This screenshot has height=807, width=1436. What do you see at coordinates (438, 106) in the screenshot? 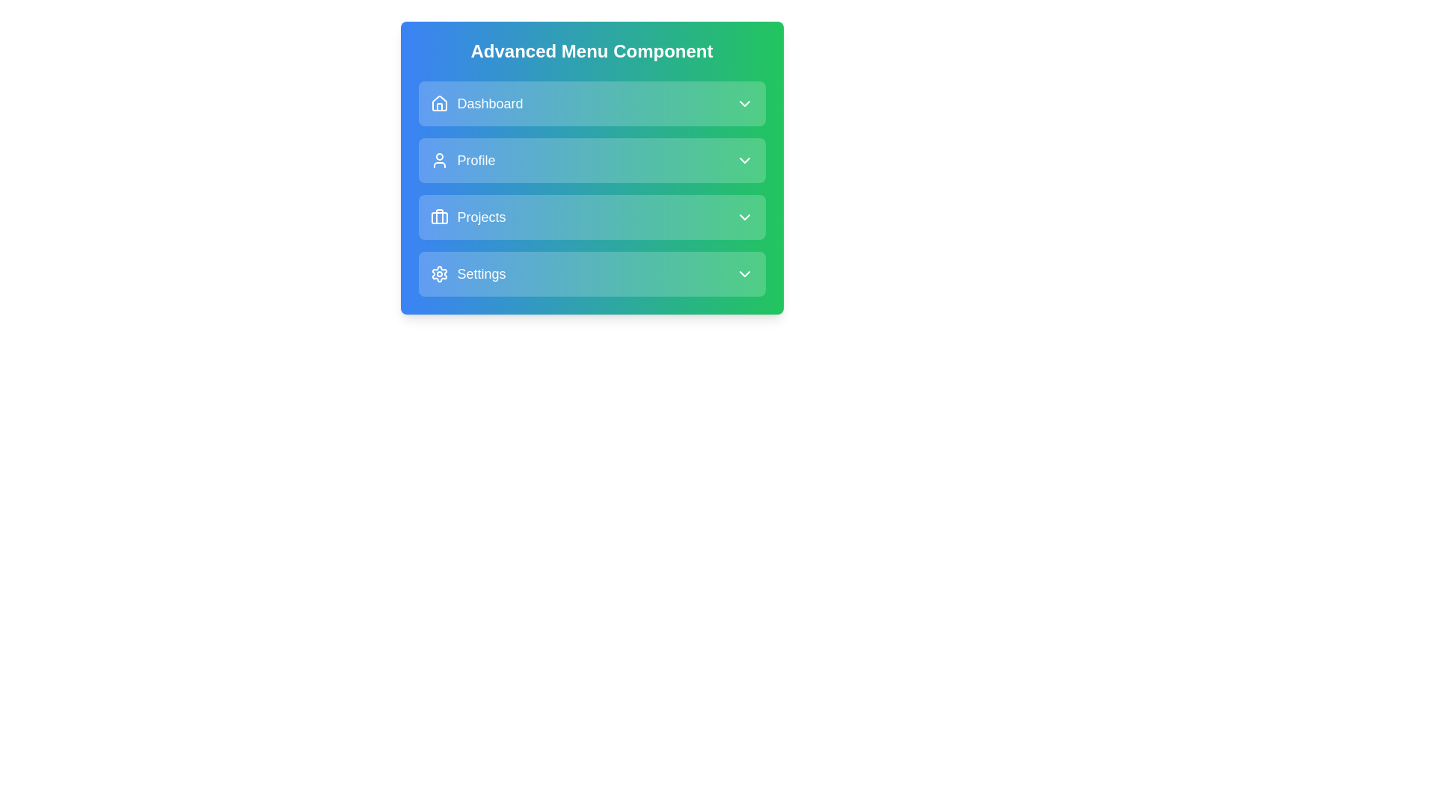
I see `the internal segment of the house icon, which resembles a door, located beside the 'Dashboard' text in the topmost menu row` at bounding box center [438, 106].